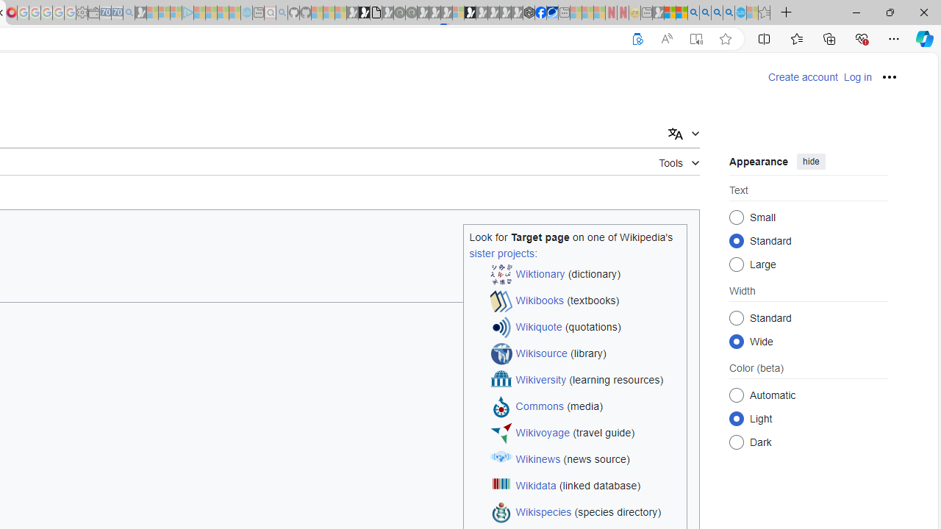 Image resolution: width=941 pixels, height=529 pixels. What do you see at coordinates (81, 12) in the screenshot?
I see `'Settings - Sleeping'` at bounding box center [81, 12].